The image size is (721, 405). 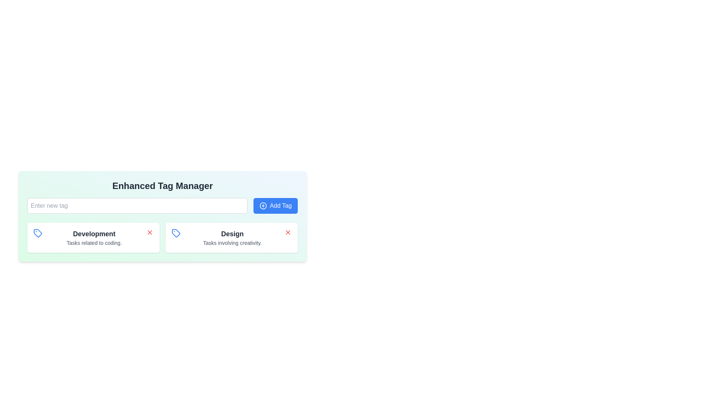 I want to click on the dismiss icon located at the top-right corner of the 'Development' tile, so click(x=149, y=232).